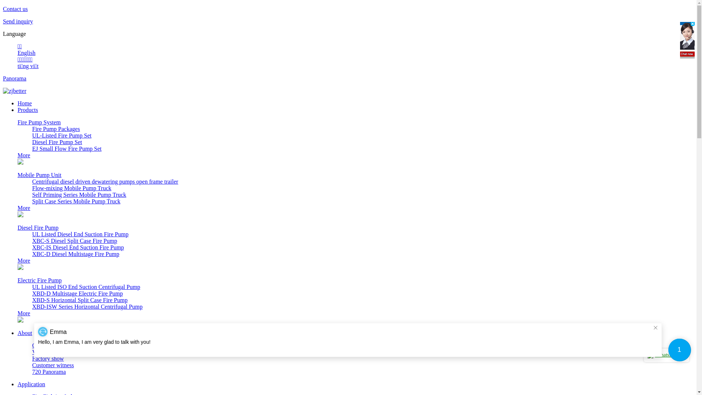  What do you see at coordinates (48, 358) in the screenshot?
I see `'Factory show'` at bounding box center [48, 358].